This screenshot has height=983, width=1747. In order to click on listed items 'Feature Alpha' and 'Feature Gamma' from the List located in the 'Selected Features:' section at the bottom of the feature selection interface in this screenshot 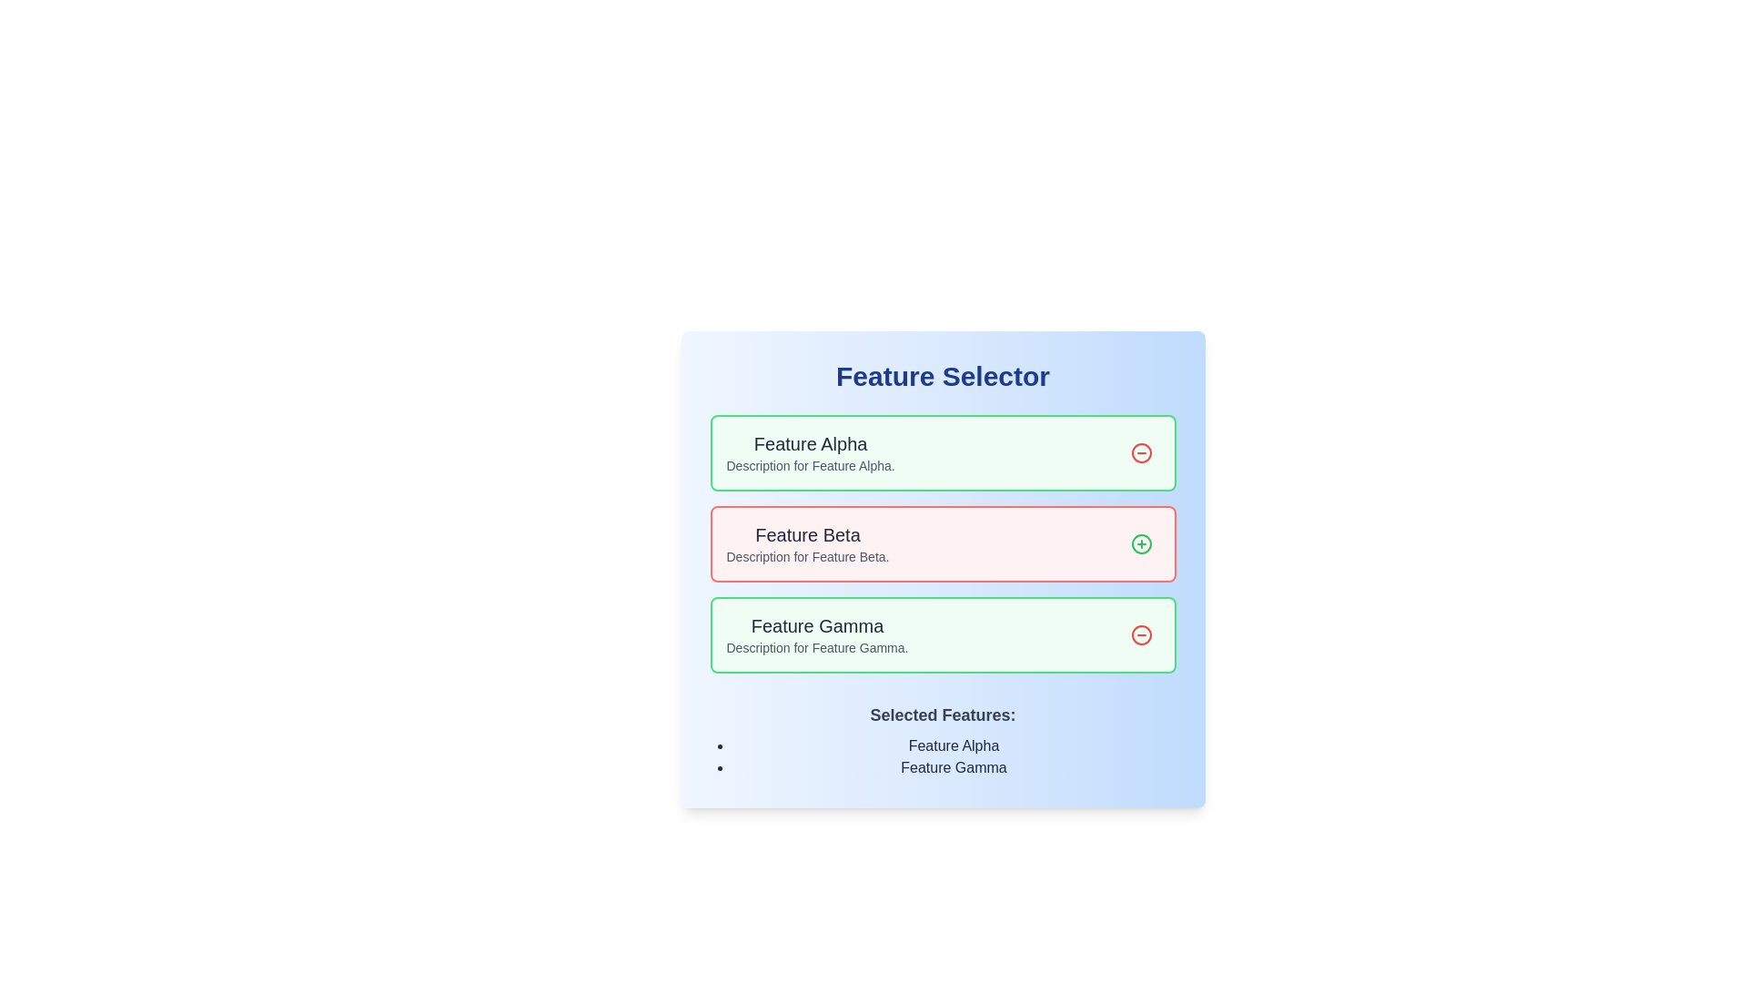, I will do `click(953, 757)`.